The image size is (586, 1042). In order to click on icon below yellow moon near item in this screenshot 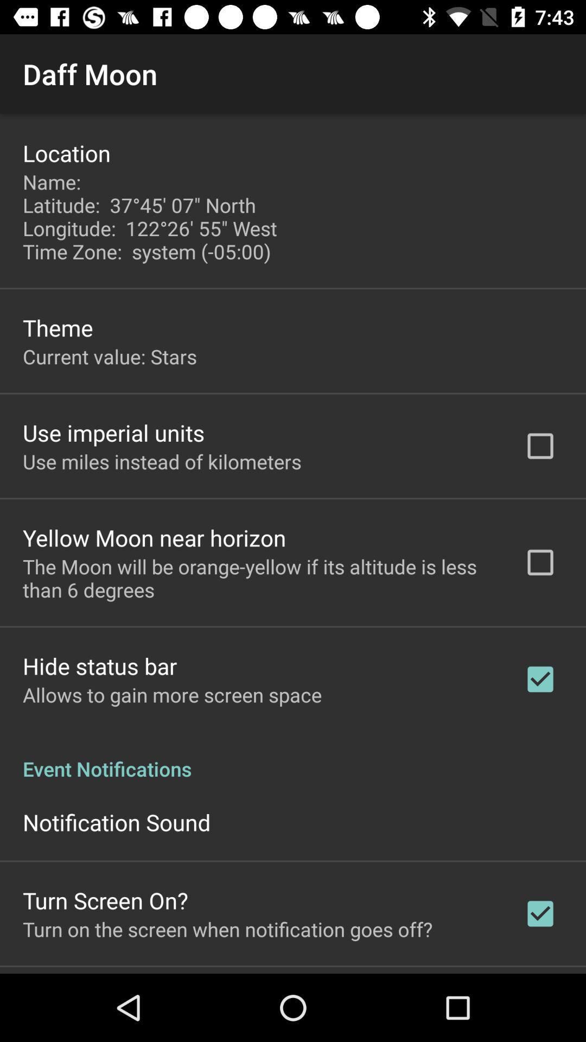, I will do `click(259, 577)`.